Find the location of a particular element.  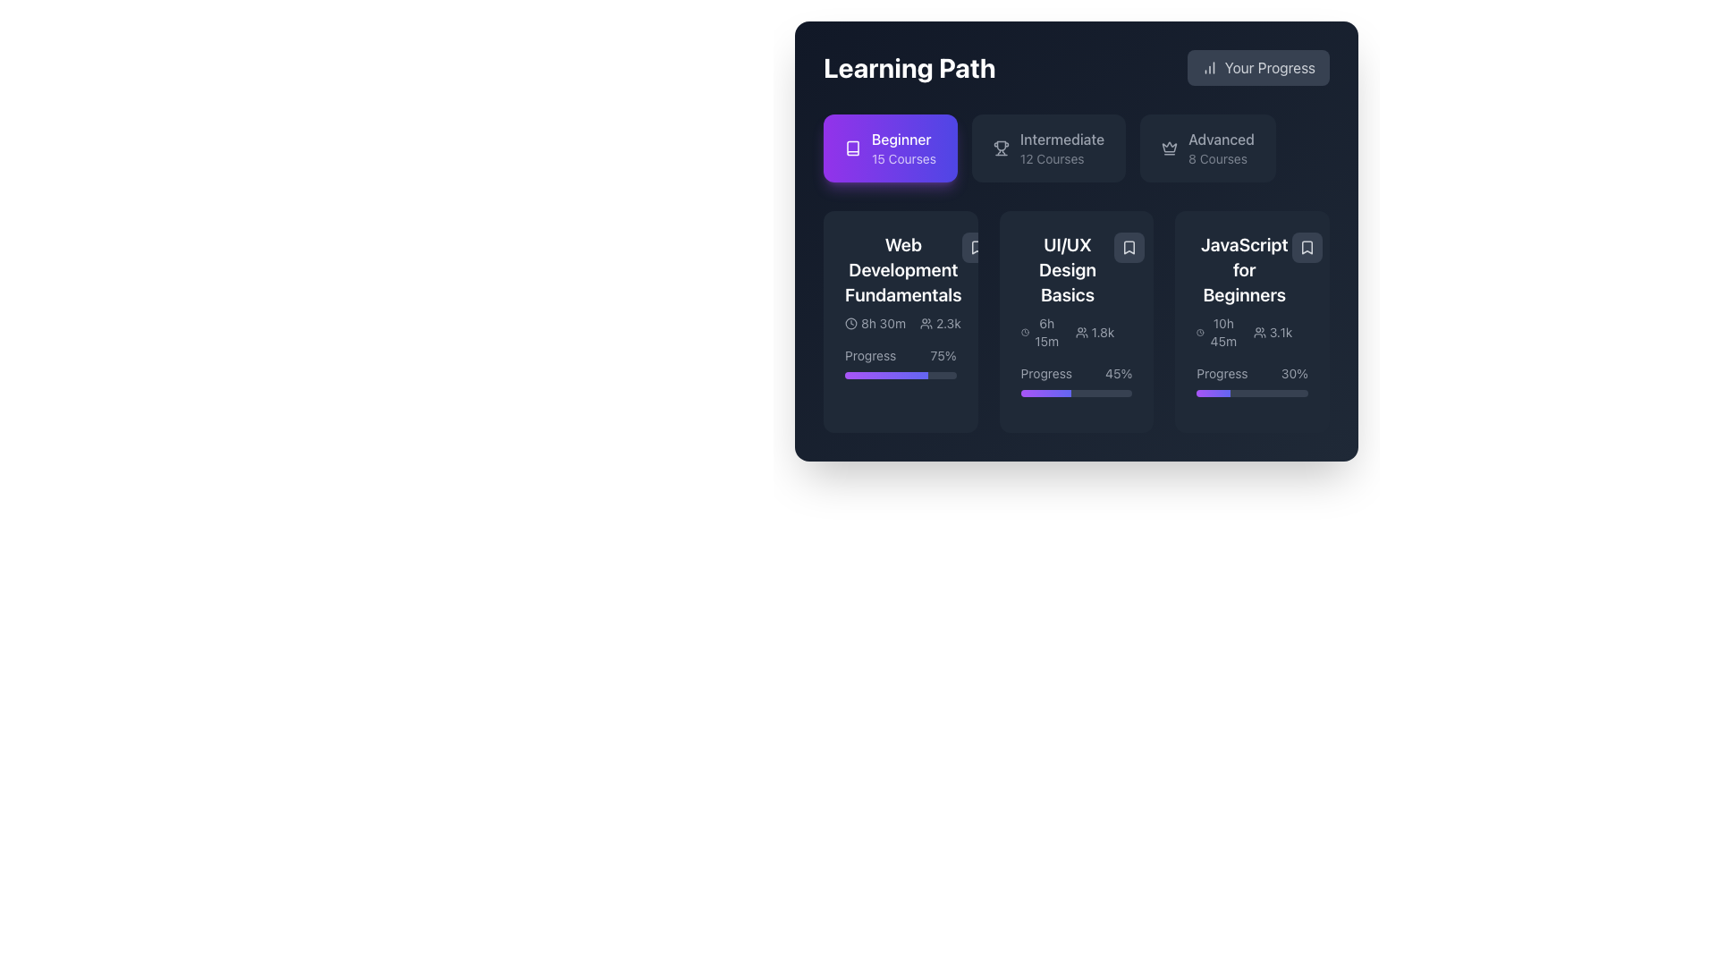

the bookmark icon in the top-right corner of the 'JavaScript for Beginners' card to bookmark the item is located at coordinates (1307, 248).